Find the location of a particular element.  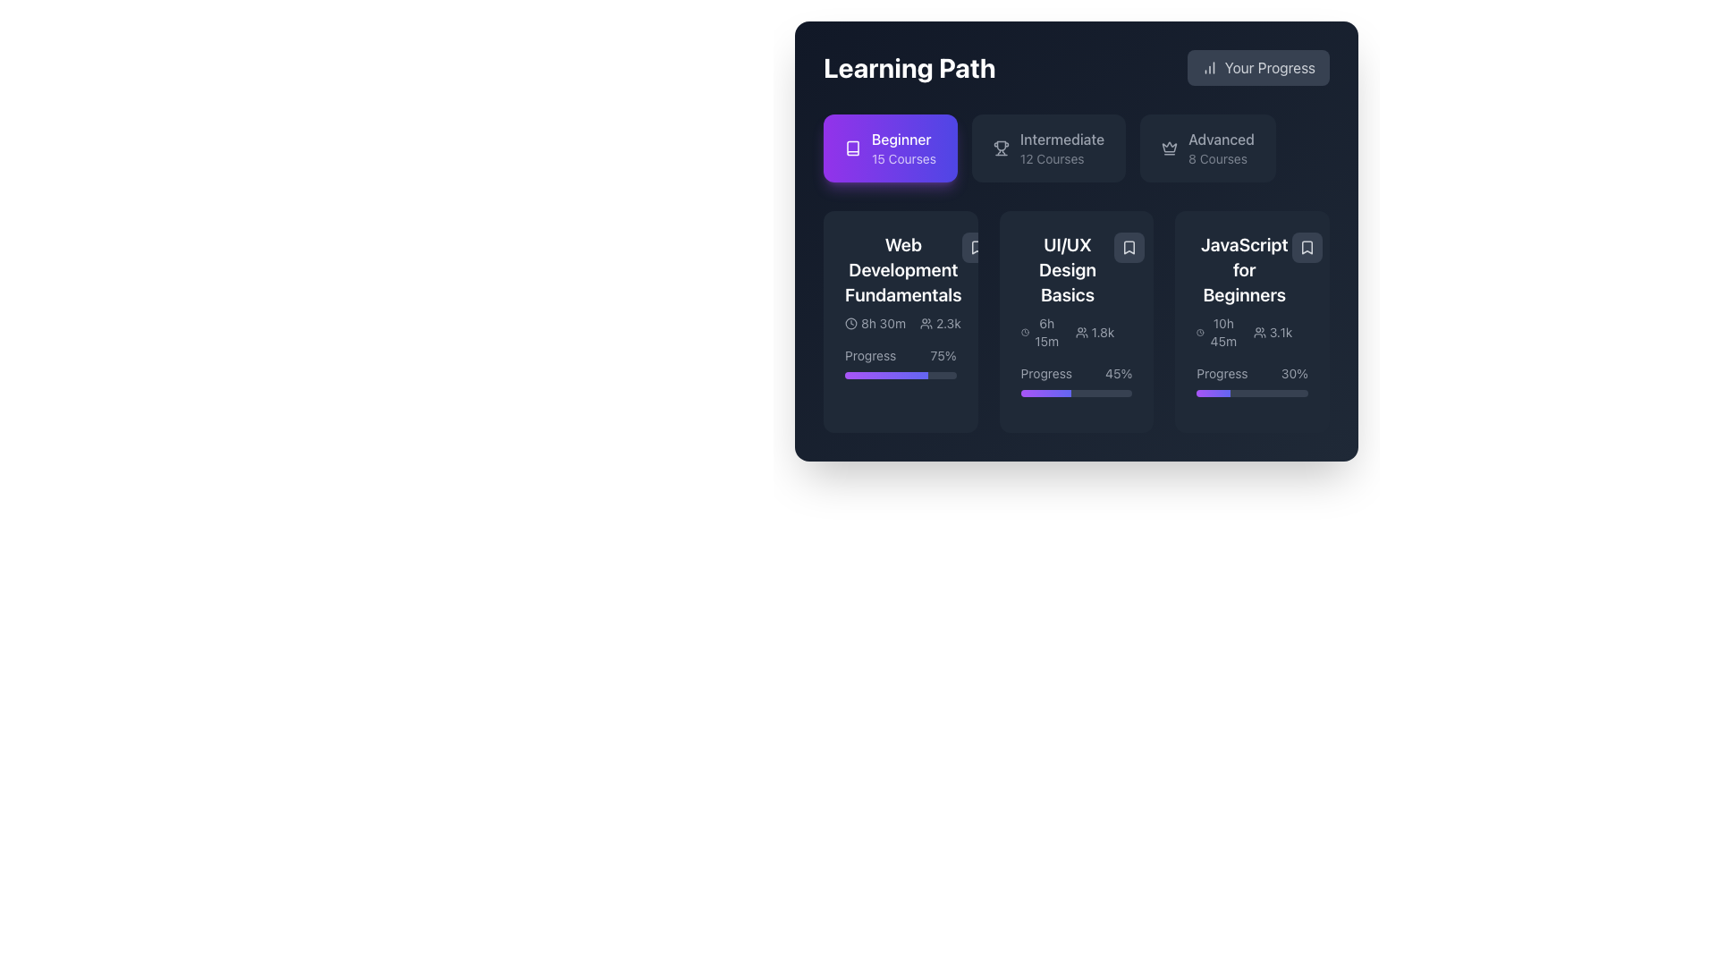

the bookmark icon in the top-right corner of the 'JavaScript for Beginners' card to bookmark the item is located at coordinates (1307, 248).